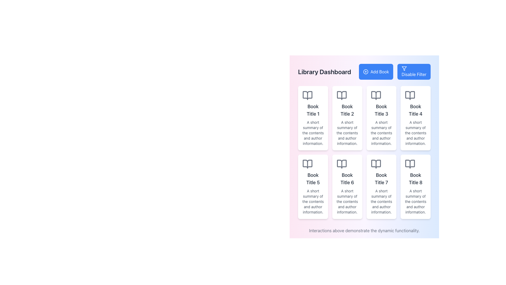 The width and height of the screenshot is (506, 285). I want to click on the book icon located in the second card of the top row, which visually represents a book and is positioned between 'Book Title 1' and 'Book Title 3', so click(342, 96).